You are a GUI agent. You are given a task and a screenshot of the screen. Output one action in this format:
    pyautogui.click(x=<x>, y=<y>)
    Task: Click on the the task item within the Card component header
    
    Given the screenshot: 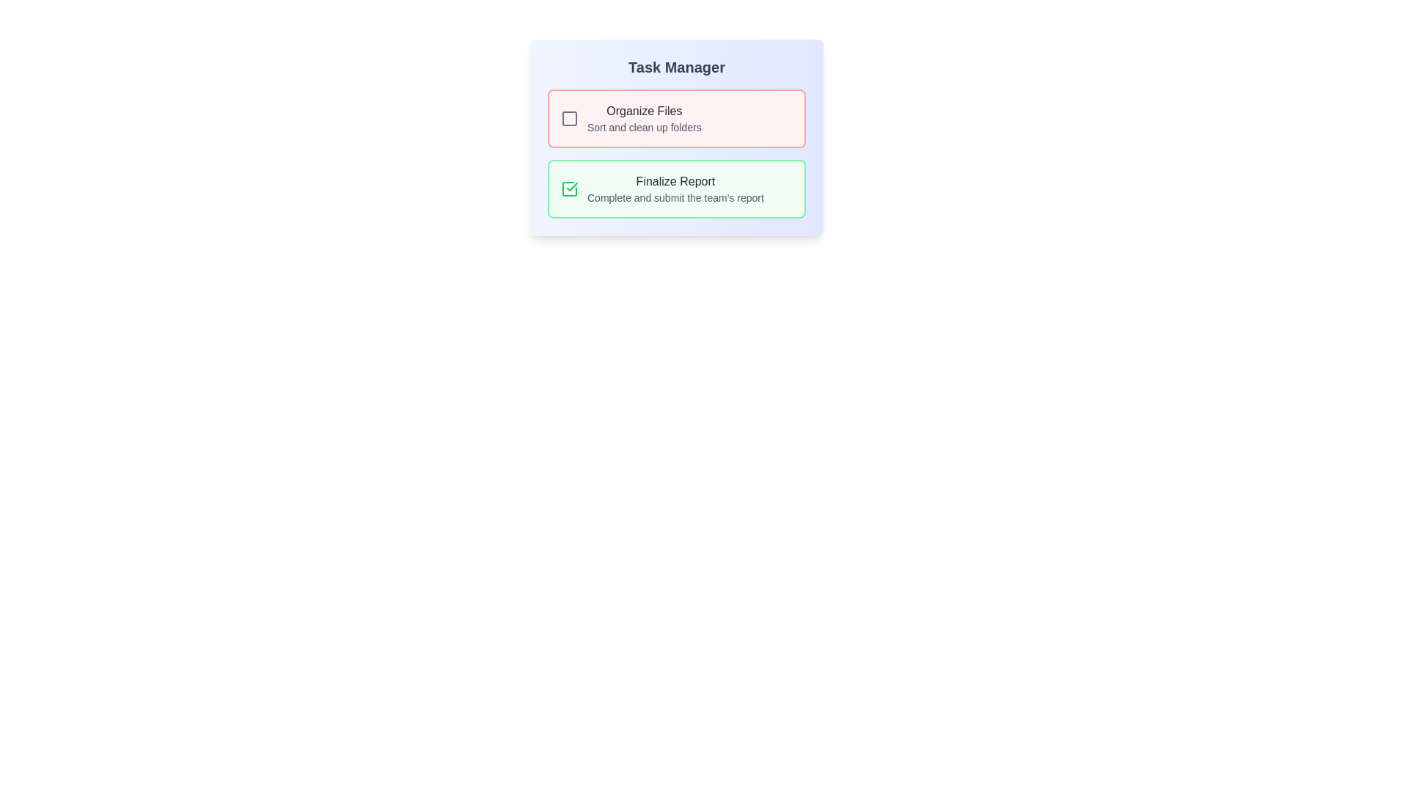 What is the action you would take?
    pyautogui.click(x=675, y=138)
    